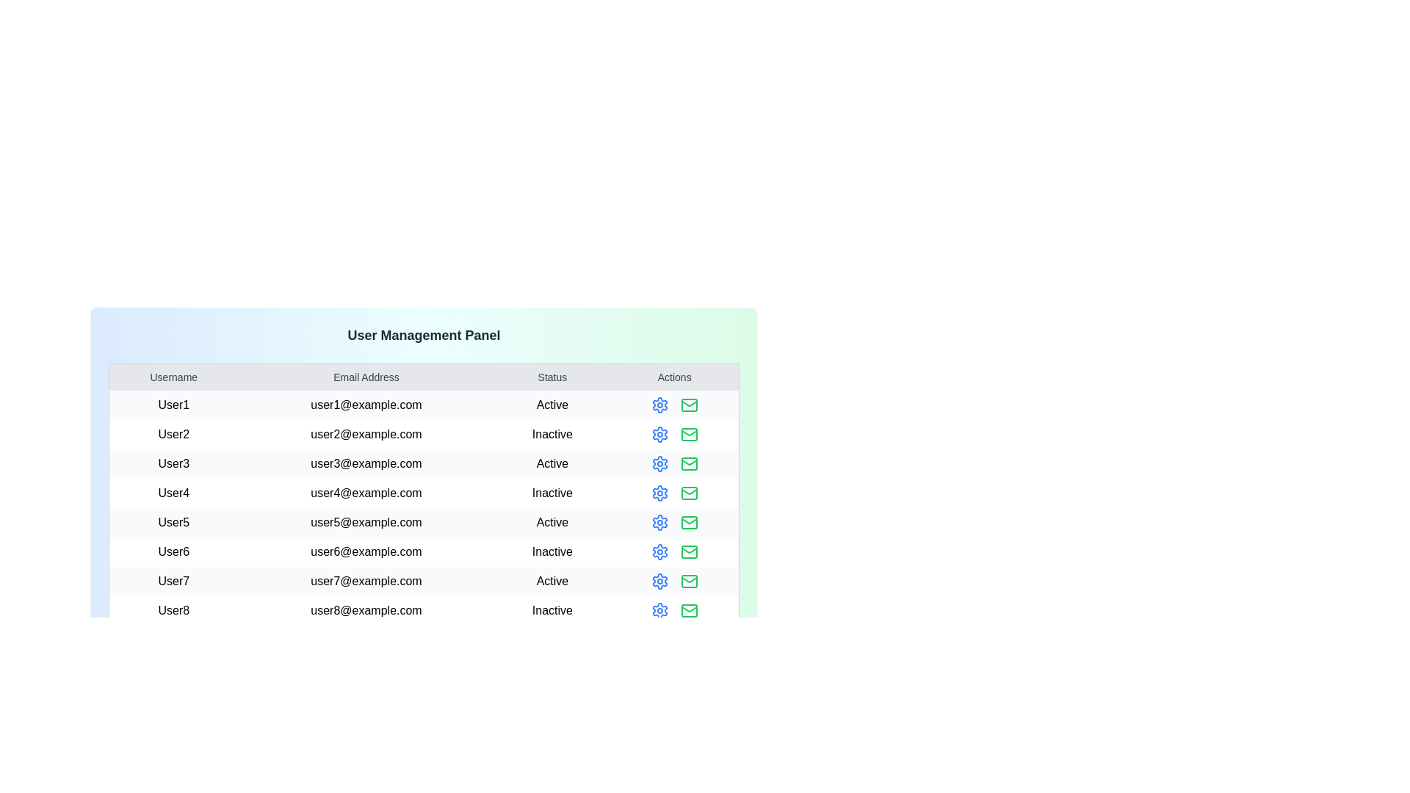  Describe the element at coordinates (688, 552) in the screenshot. I see `the mail icon for the user identified by User6` at that location.